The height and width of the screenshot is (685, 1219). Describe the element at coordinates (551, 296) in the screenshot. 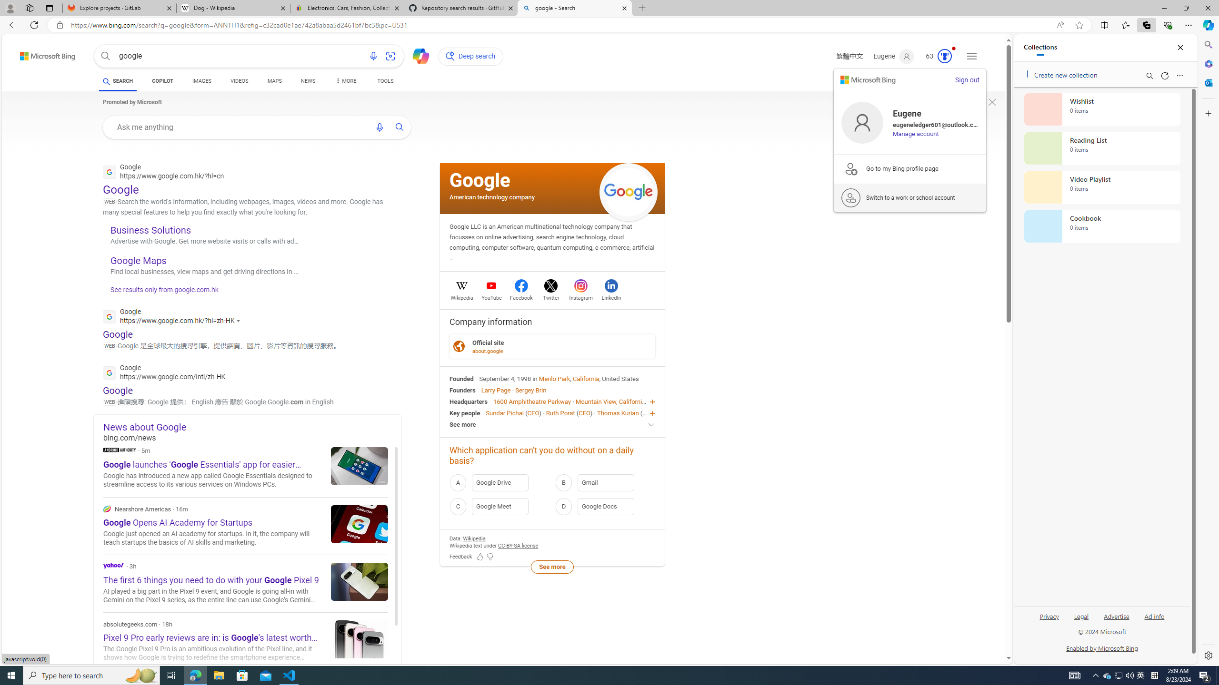

I see `'Twitter'` at that location.